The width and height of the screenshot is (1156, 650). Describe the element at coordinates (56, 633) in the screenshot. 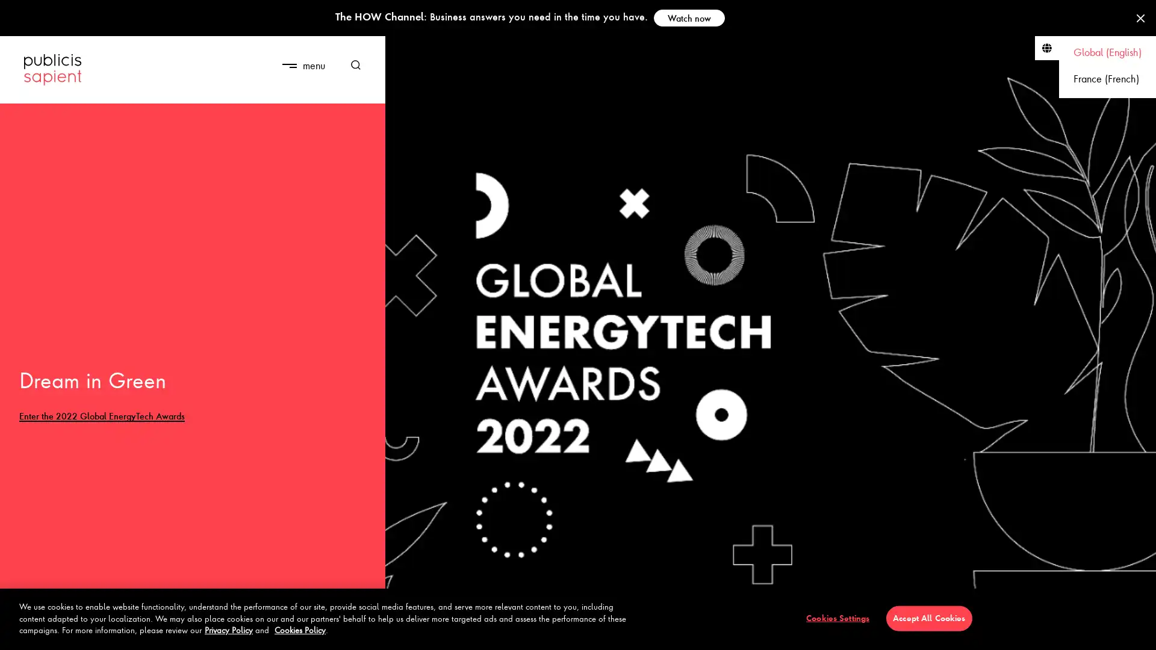

I see `Display Slide 2` at that location.